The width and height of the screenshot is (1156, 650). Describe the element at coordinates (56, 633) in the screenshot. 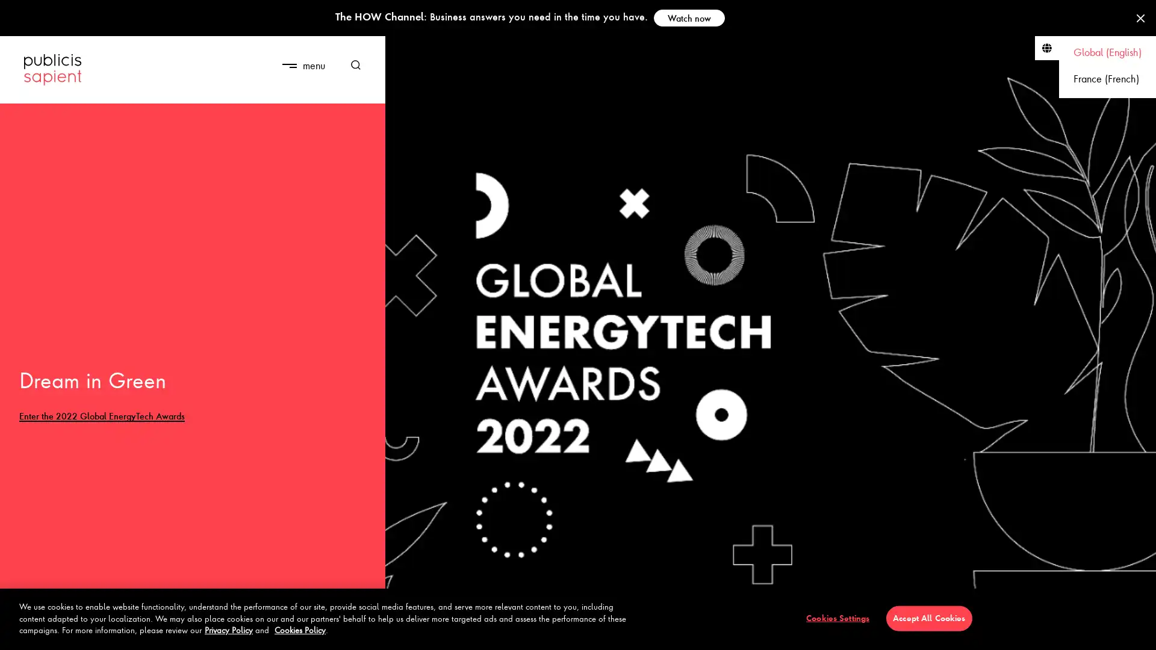

I see `Display Slide 2` at that location.